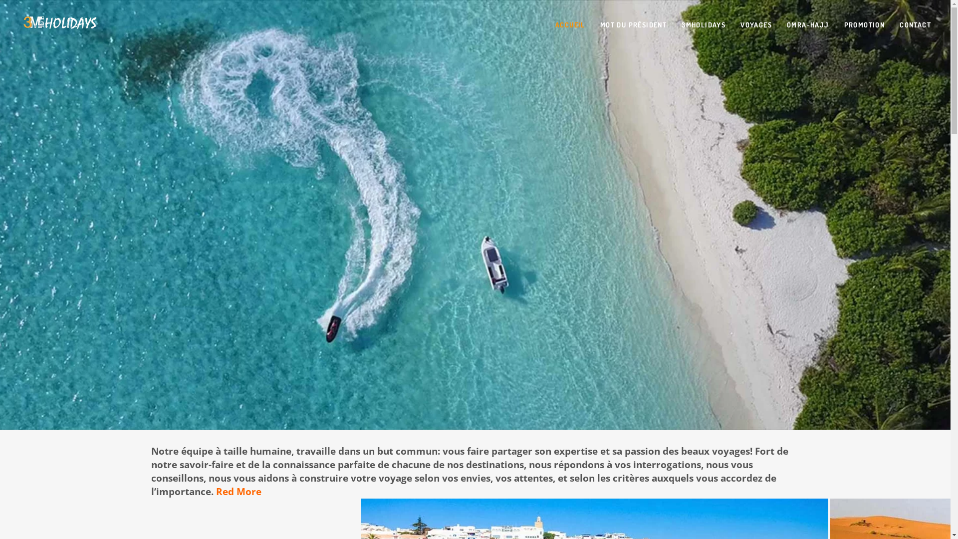 The width and height of the screenshot is (958, 539). Describe the element at coordinates (836, 24) in the screenshot. I see `'PROMOTION'` at that location.